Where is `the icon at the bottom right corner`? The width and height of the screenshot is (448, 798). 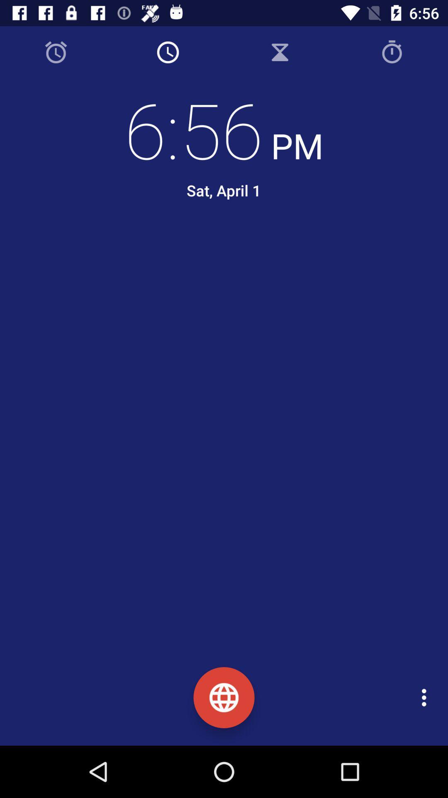 the icon at the bottom right corner is located at coordinates (426, 697).